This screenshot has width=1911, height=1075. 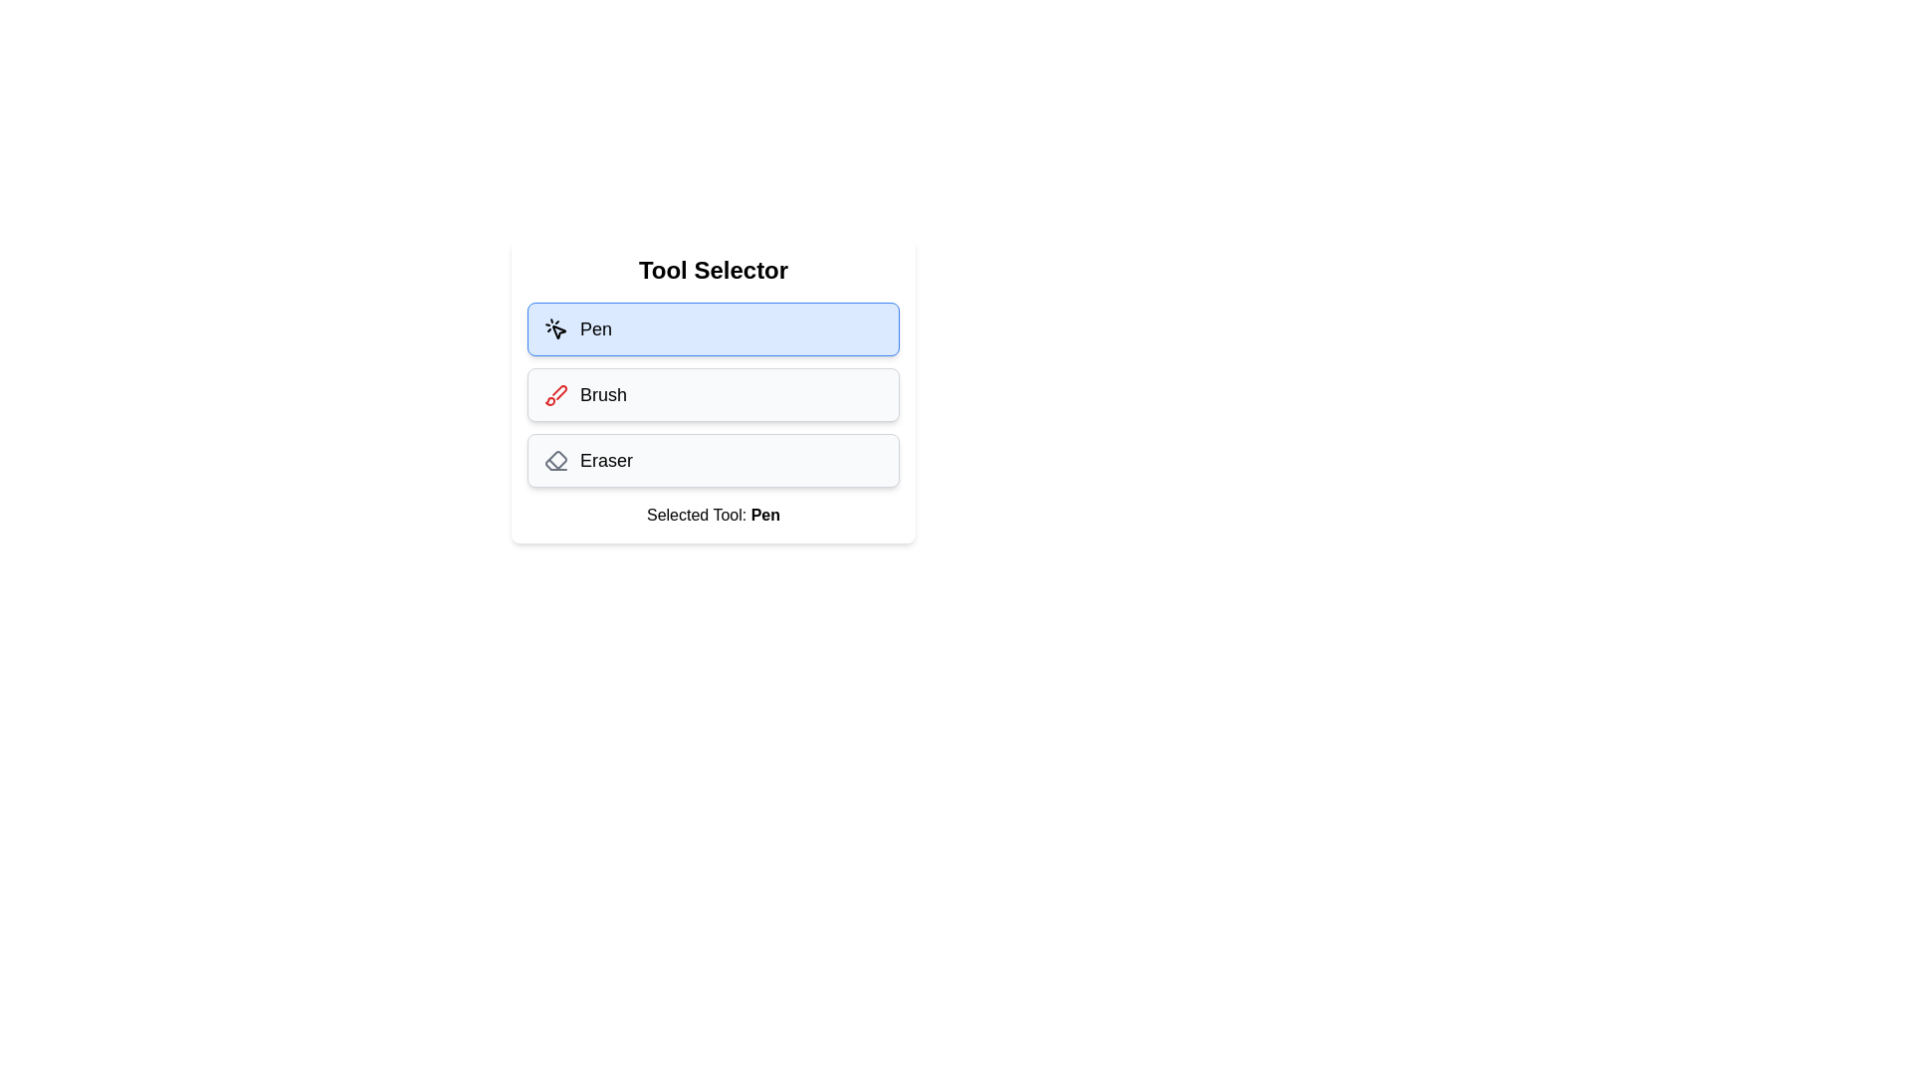 What do you see at coordinates (713, 460) in the screenshot?
I see `the tool Eraser by clicking its button` at bounding box center [713, 460].